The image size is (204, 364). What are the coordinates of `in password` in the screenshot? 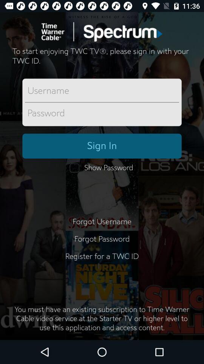 It's located at (102, 113).